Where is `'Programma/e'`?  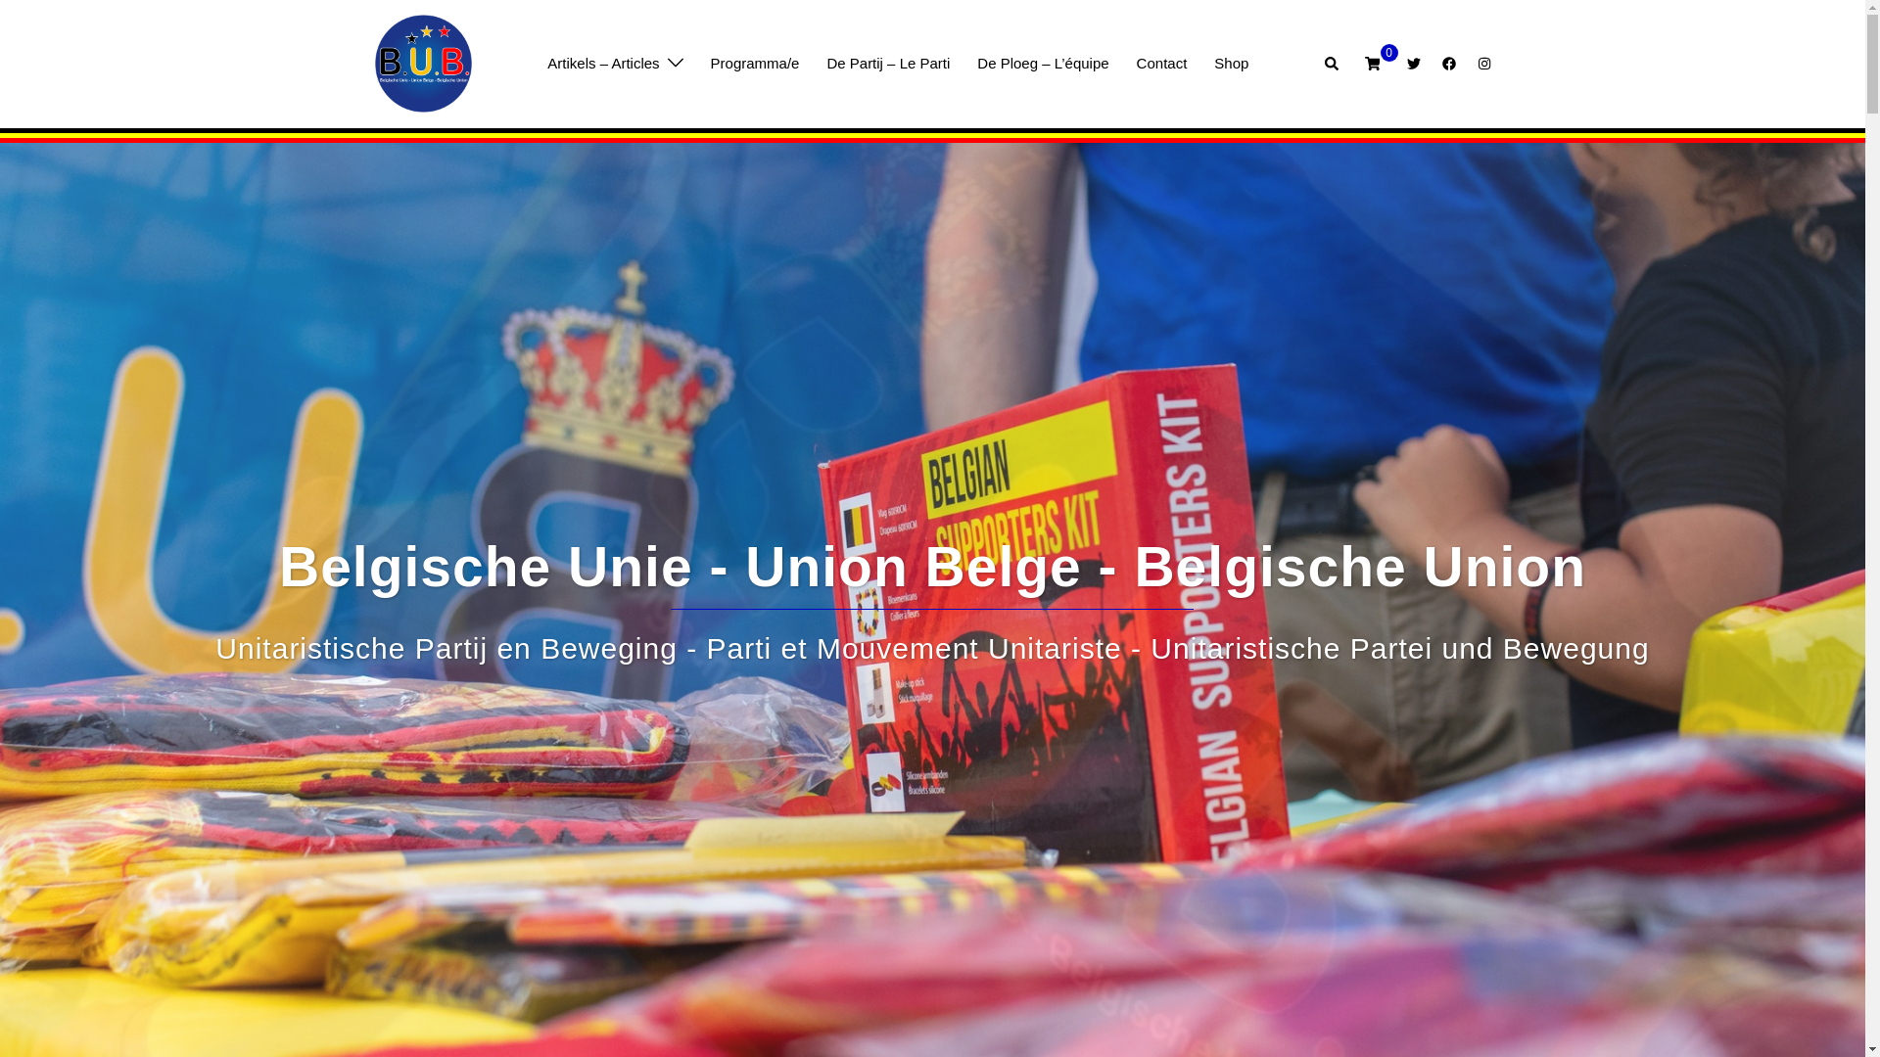 'Programma/e' is located at coordinates (754, 62).